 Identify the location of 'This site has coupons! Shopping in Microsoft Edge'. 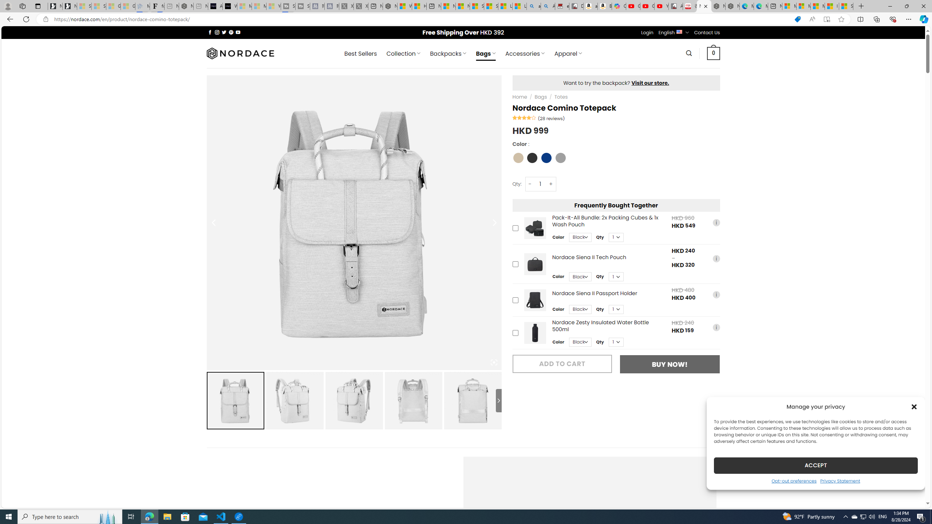
(797, 19).